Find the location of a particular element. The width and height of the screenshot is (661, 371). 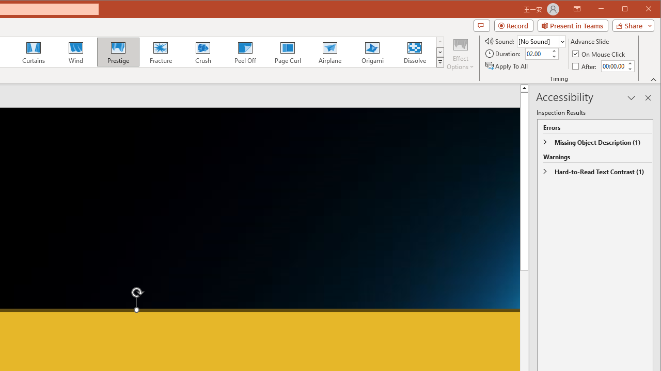

'Wind' is located at coordinates (75, 52).